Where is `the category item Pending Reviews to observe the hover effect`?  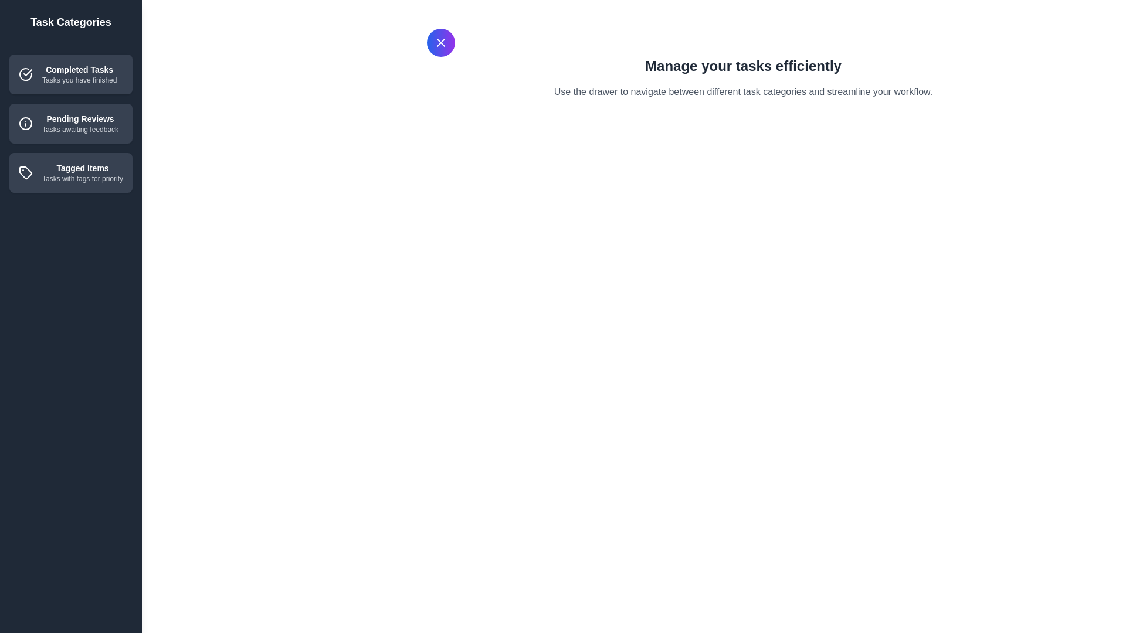 the category item Pending Reviews to observe the hover effect is located at coordinates (70, 124).